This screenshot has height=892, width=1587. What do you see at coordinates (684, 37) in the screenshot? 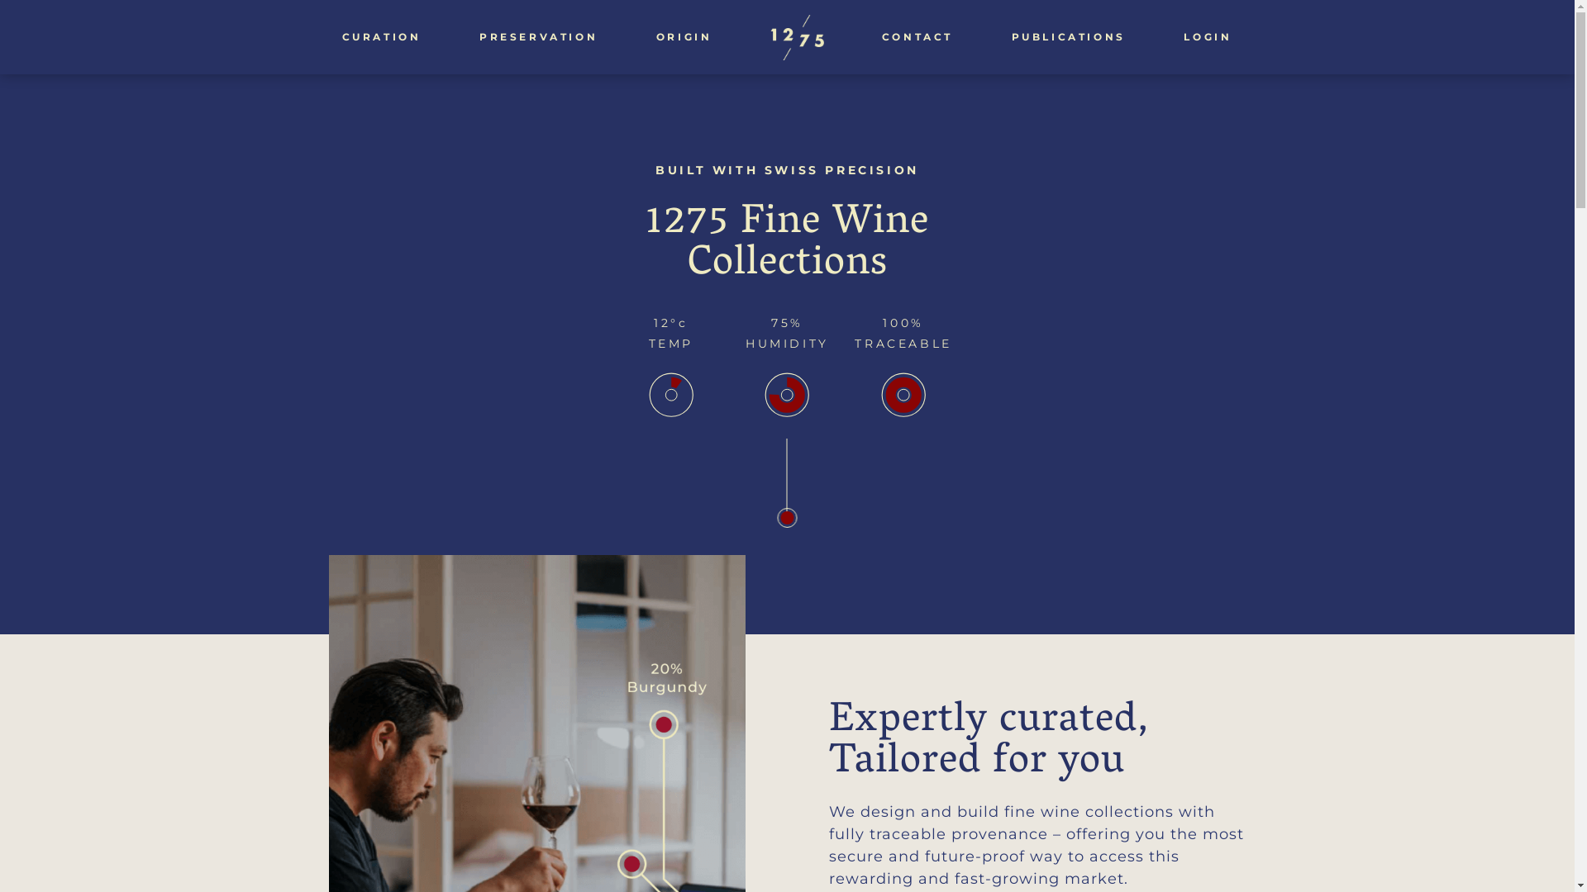
I see `'ORIGIN'` at bounding box center [684, 37].